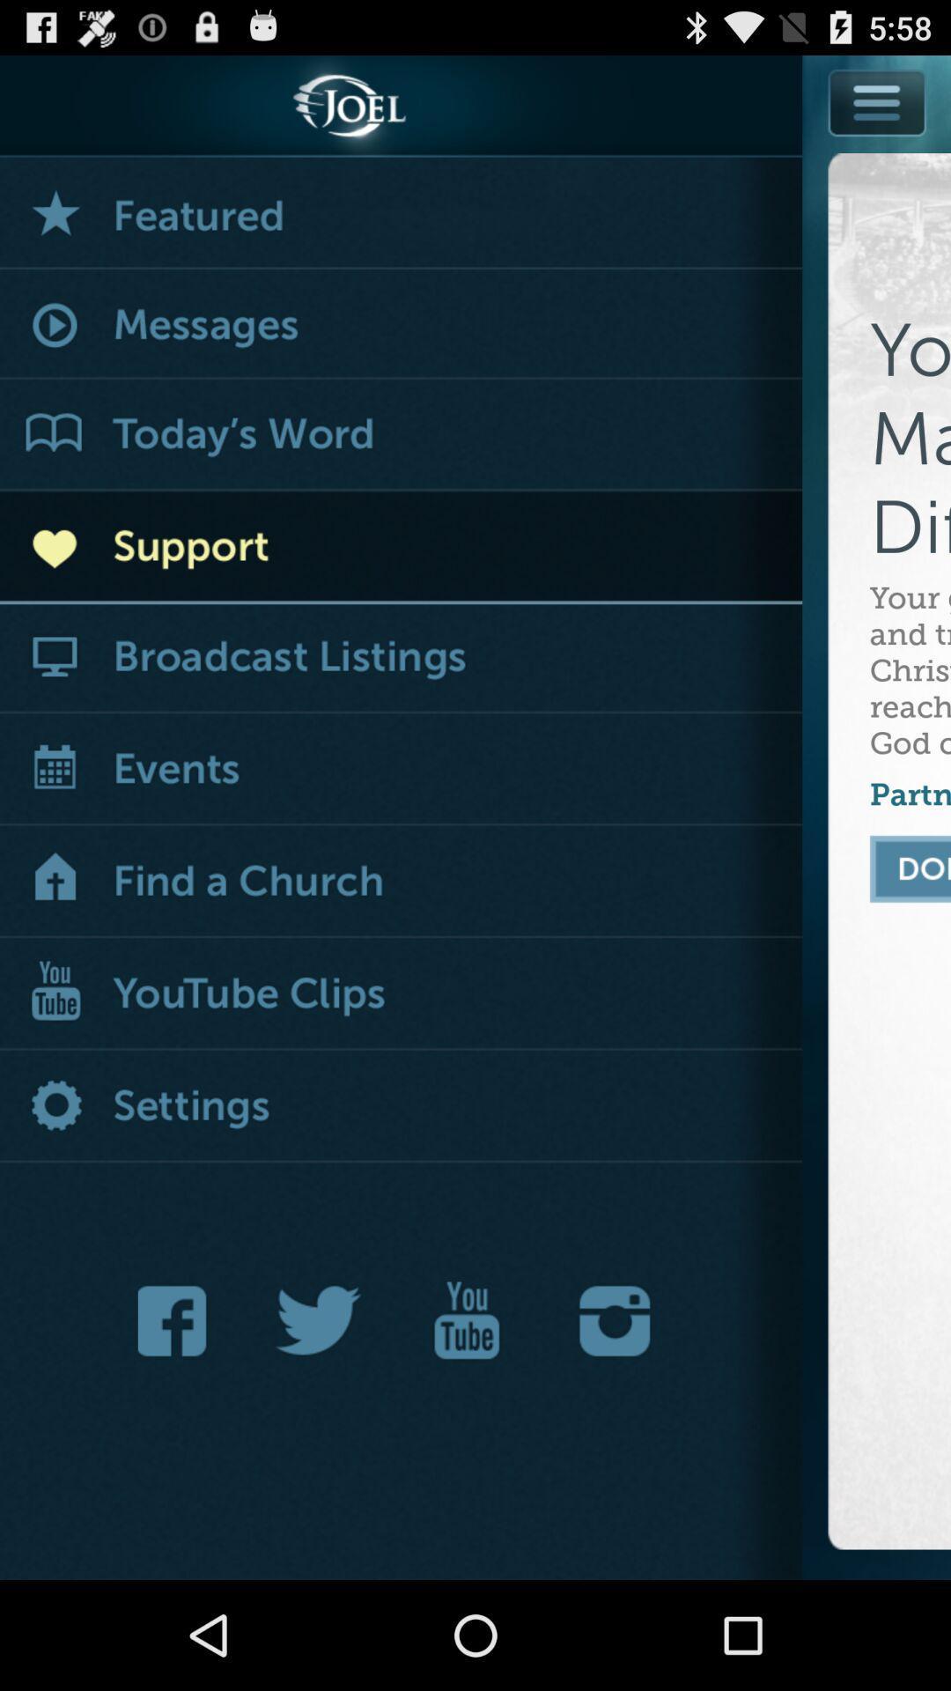 The width and height of the screenshot is (951, 1691). Describe the element at coordinates (466, 1320) in the screenshot. I see `youtube` at that location.